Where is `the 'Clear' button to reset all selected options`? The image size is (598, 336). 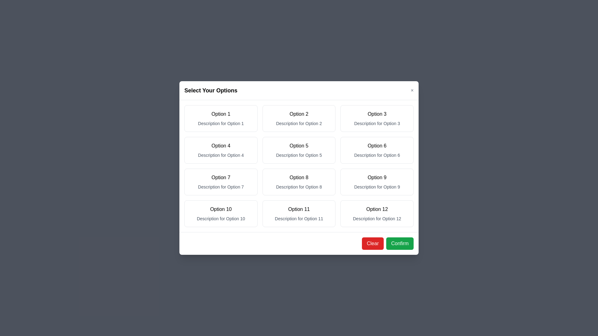 the 'Clear' button to reset all selected options is located at coordinates (373, 243).